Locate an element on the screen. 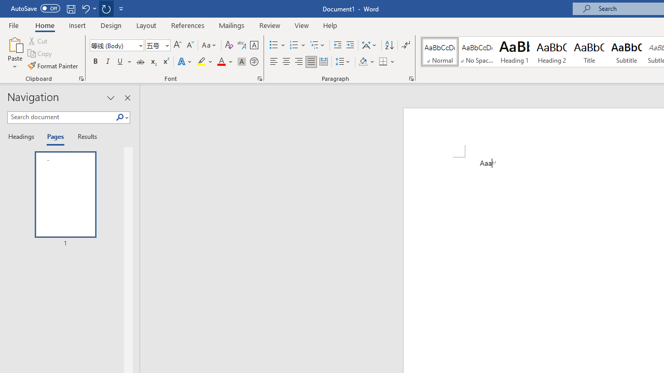 This screenshot has width=664, height=373. 'Character Shading' is located at coordinates (241, 62).